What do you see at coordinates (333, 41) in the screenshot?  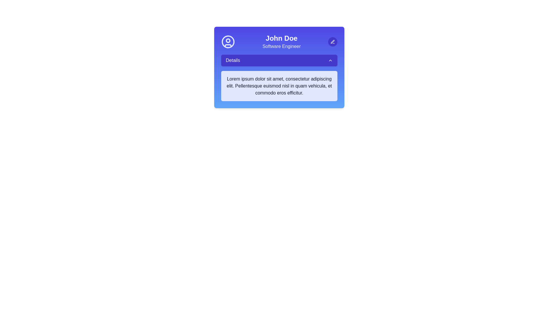 I see `the edit icon button located at the top-right corner of the user information card for accessibility purposes` at bounding box center [333, 41].